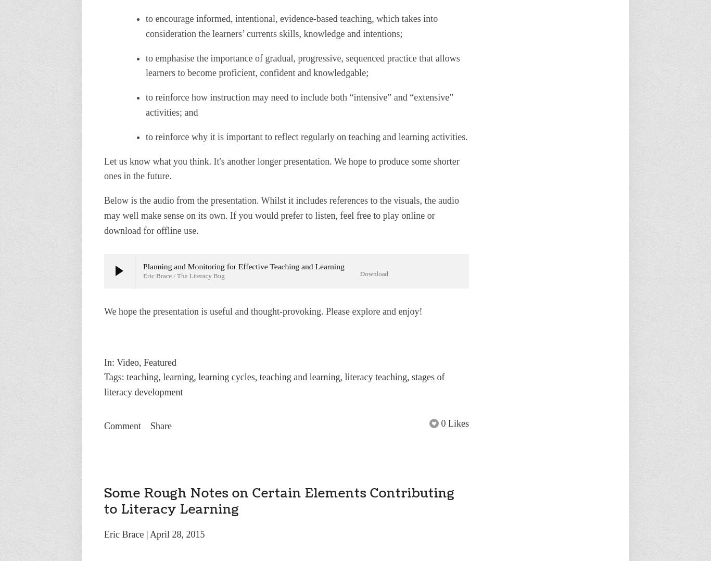 The image size is (711, 561). I want to click on 'April 28, 2015', so click(149, 533).